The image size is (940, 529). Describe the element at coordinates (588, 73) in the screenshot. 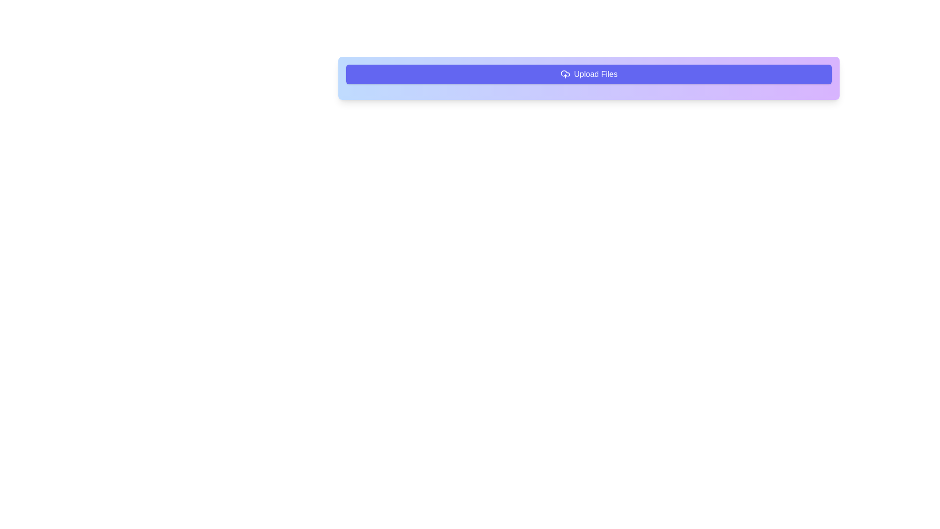

I see `the 'Upload Files' button, which features white text on a purple gradient background and a cloud upload icon, to initiate the file upload` at that location.